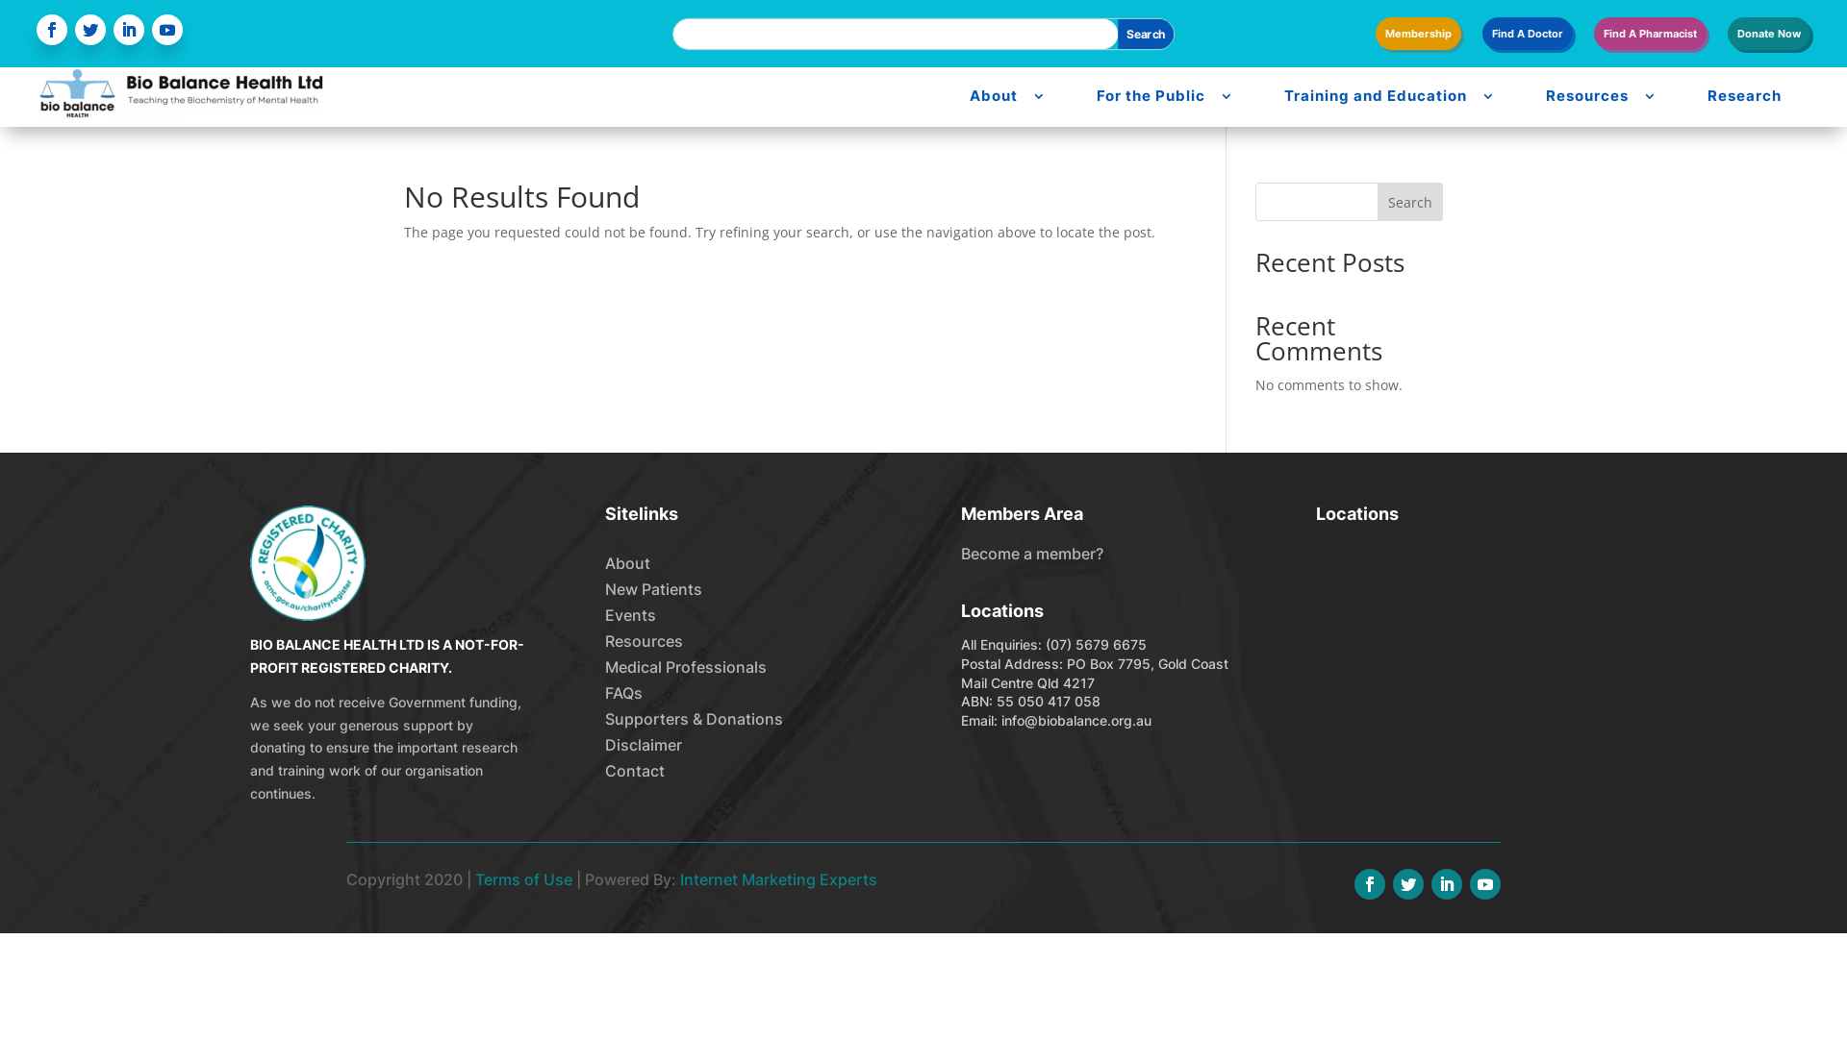 The height and width of the screenshot is (1038, 1847). I want to click on 'Search', so click(1409, 201).